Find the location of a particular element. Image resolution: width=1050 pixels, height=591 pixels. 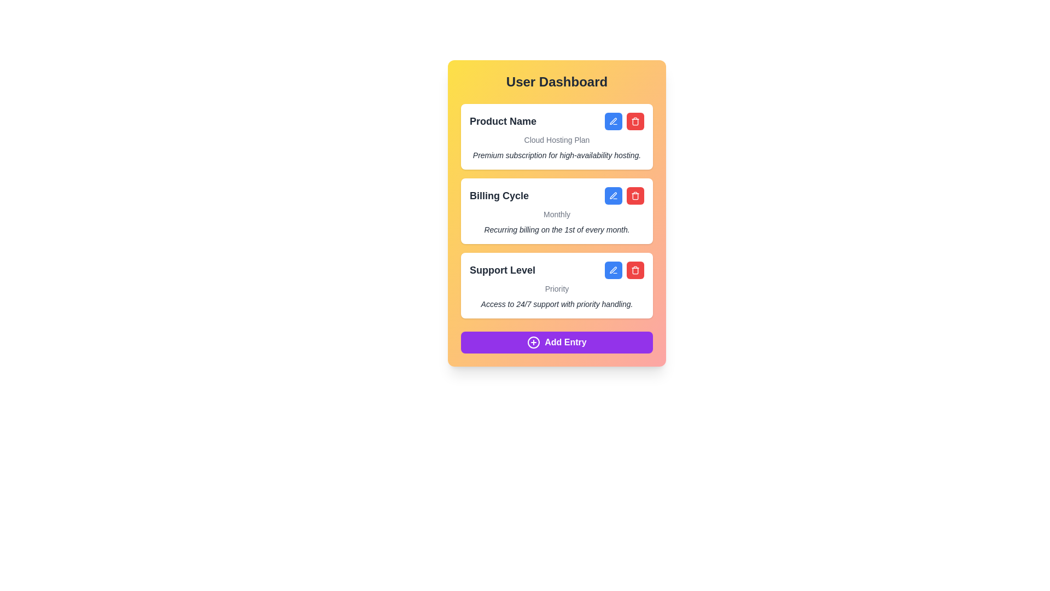

the blue rectangular button with a white pen icon representing edit functionality, located beside the 'Billing Cycle' label and to the left of the red delete icon button is located at coordinates (614, 195).